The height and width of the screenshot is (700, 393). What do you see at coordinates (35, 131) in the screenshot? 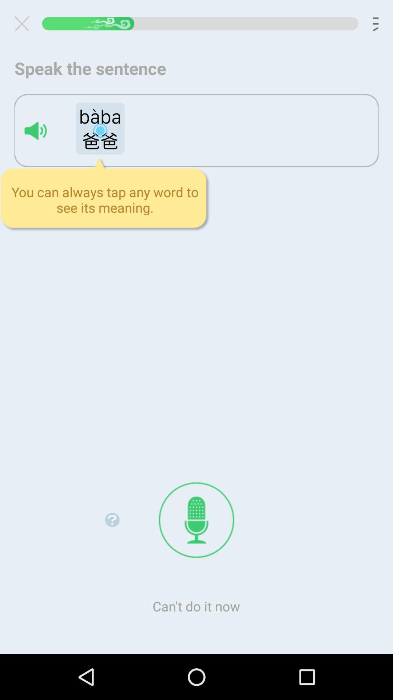
I see `speaker` at bounding box center [35, 131].